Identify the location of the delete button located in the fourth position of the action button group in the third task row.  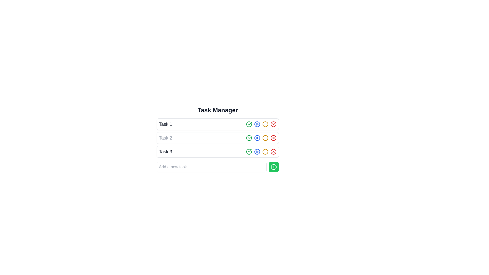
(273, 152).